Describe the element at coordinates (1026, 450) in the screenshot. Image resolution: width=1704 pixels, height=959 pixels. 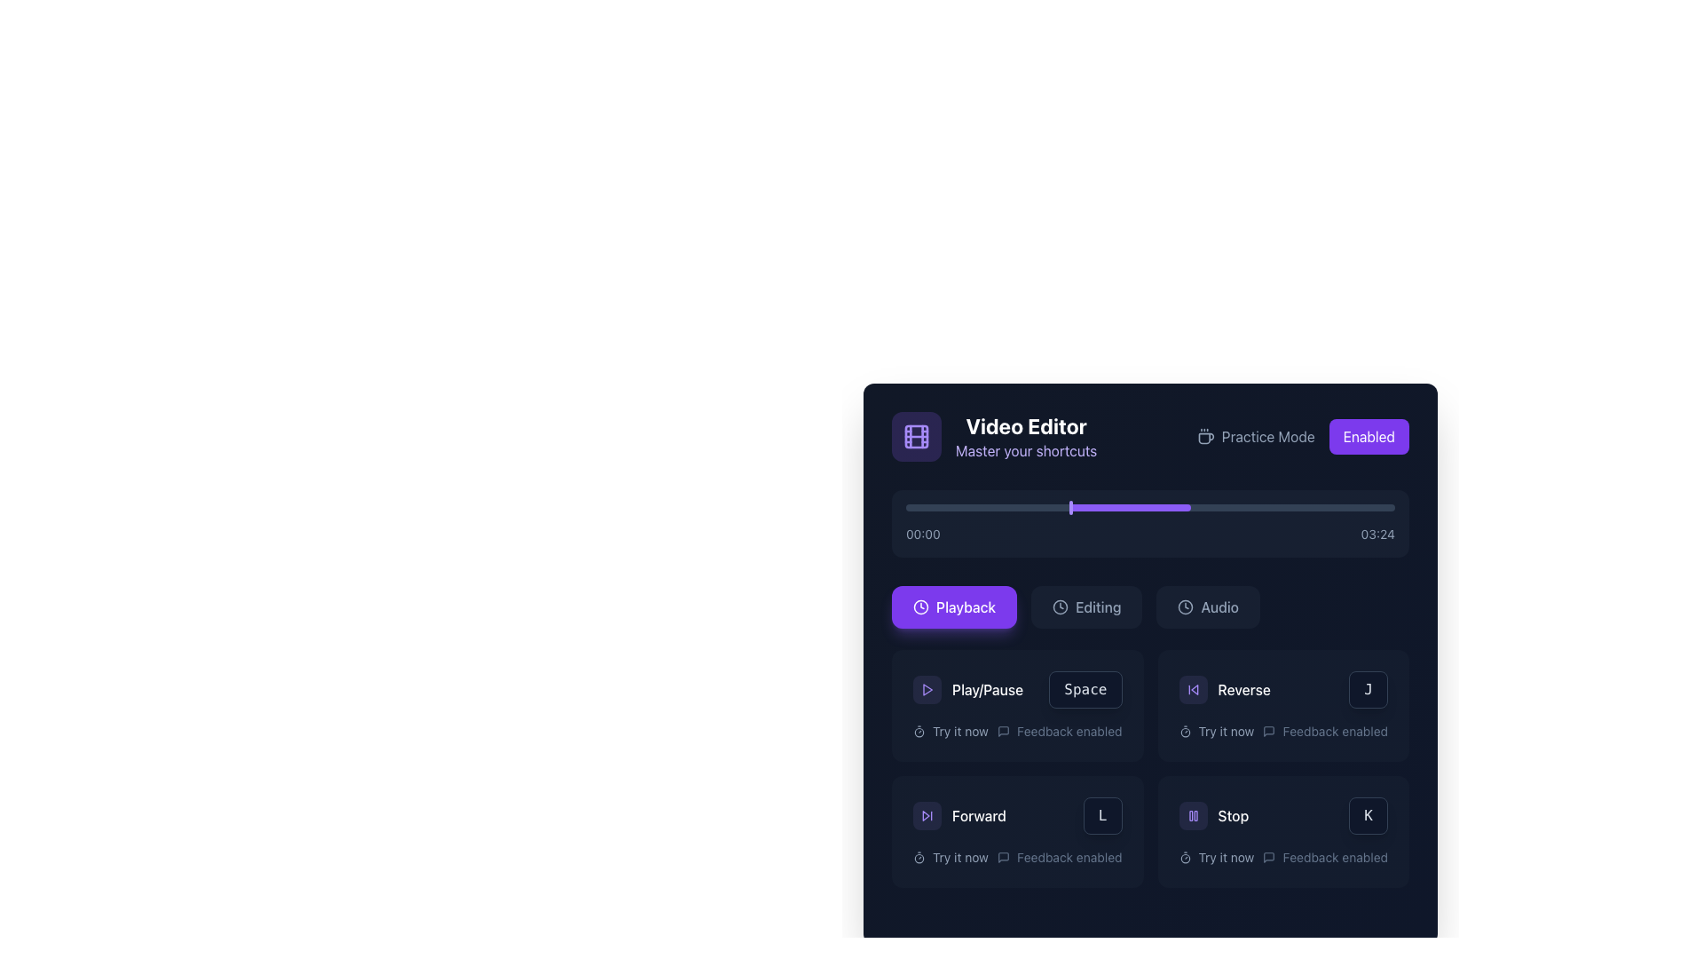
I see `the text label displaying 'Master your shortcuts' in violet color, positioned below the 'Video Editor' heading` at that location.